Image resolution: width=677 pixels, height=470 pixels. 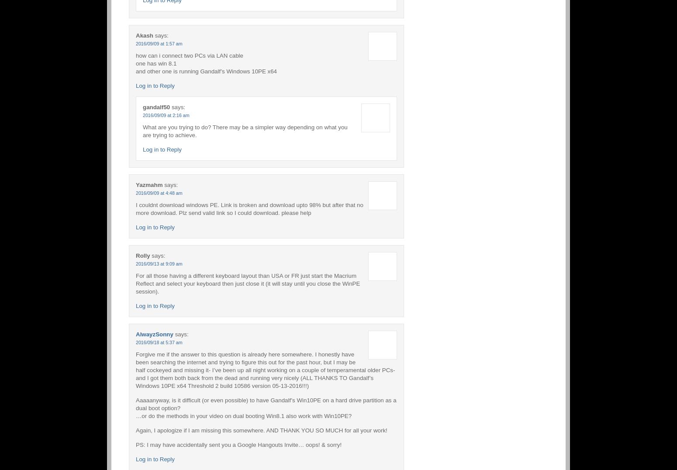 What do you see at coordinates (135, 403) in the screenshot?
I see `'Aaaaanyway, is it difficult (or even possible) to have Gandalf’s Win10PE on a hard drive partition as a dual boot option?'` at bounding box center [135, 403].